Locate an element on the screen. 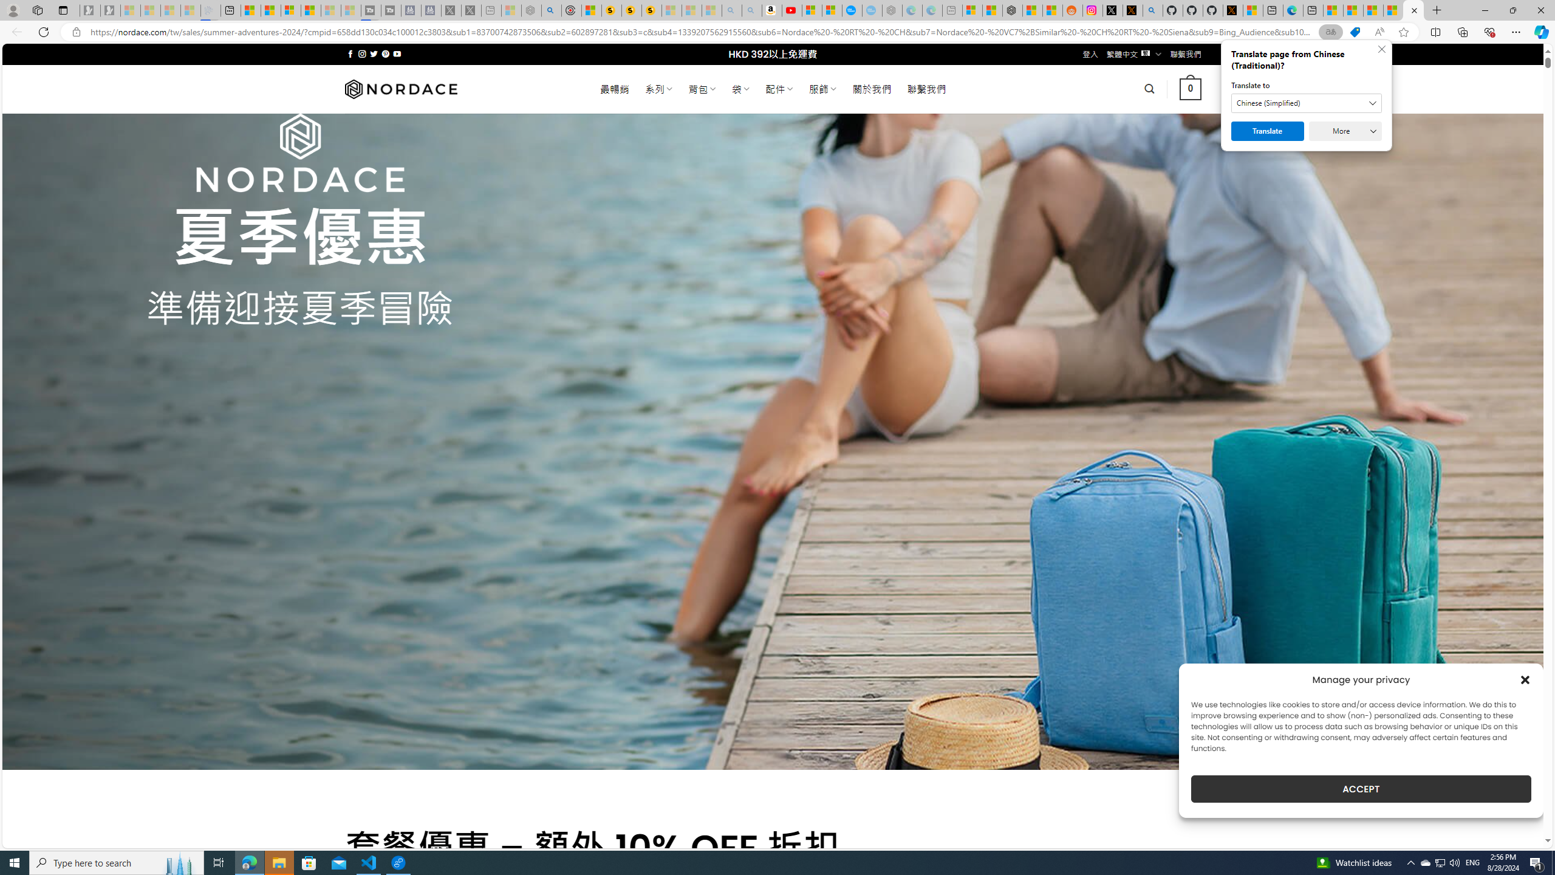  'poe - Search' is located at coordinates (550, 10).